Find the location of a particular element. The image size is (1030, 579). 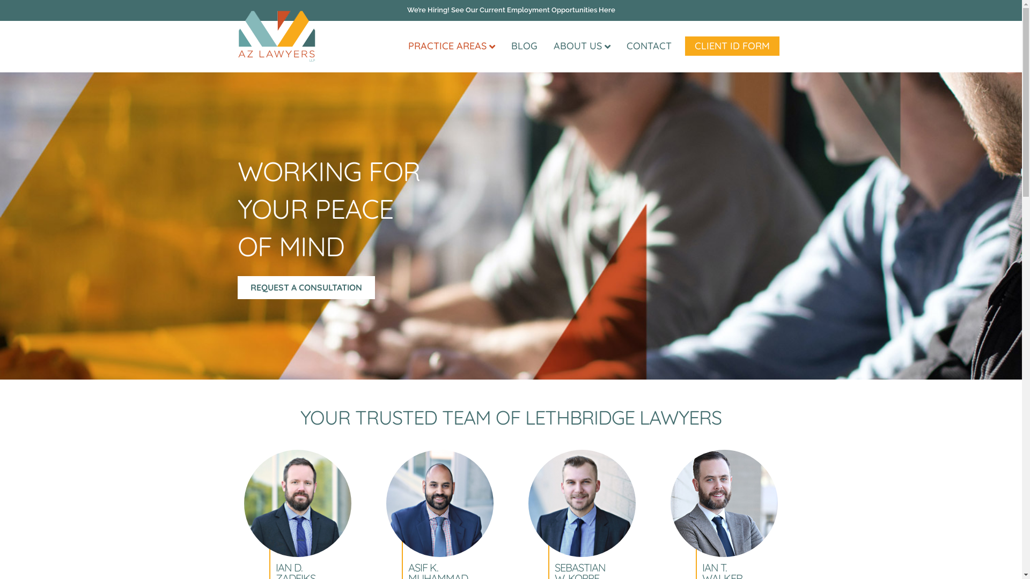

'CONTACT' is located at coordinates (648, 45).